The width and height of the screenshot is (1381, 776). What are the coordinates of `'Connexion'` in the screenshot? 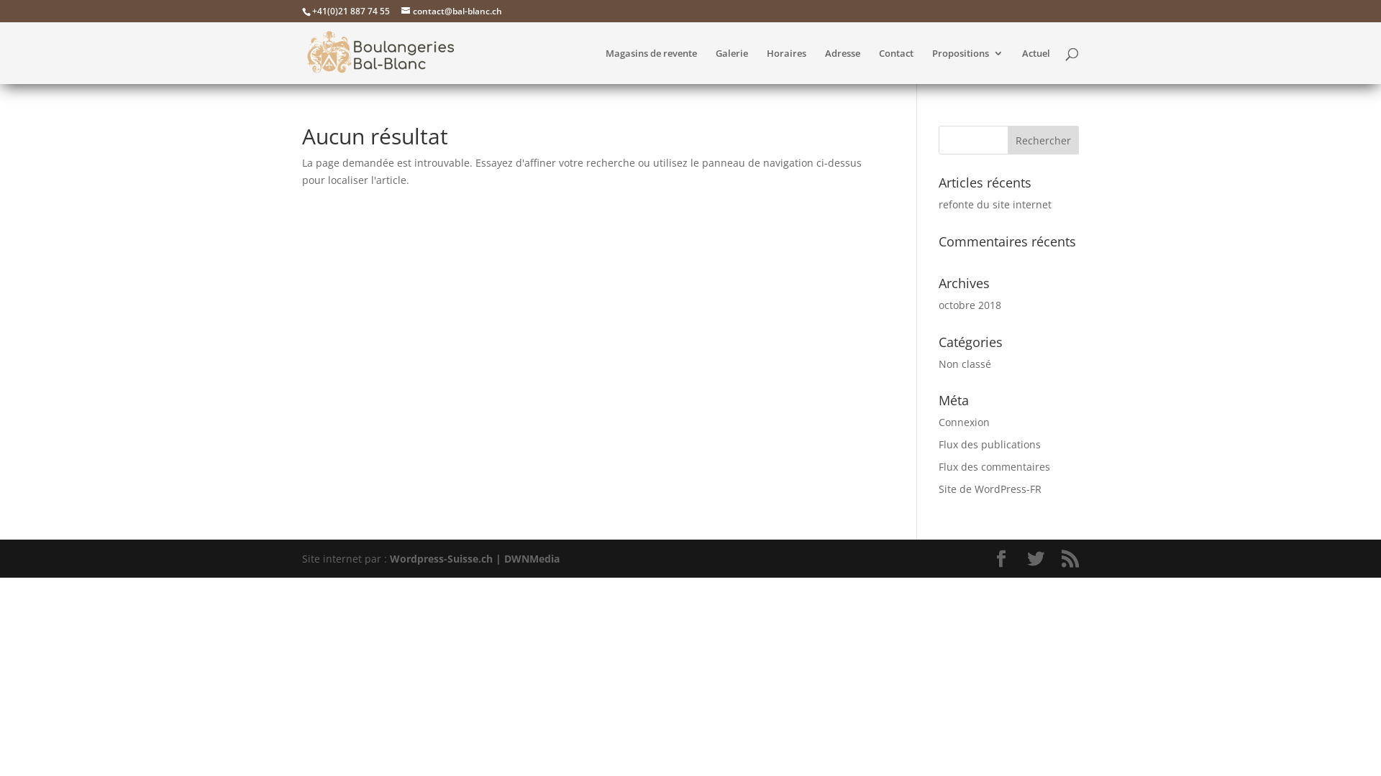 It's located at (964, 421).